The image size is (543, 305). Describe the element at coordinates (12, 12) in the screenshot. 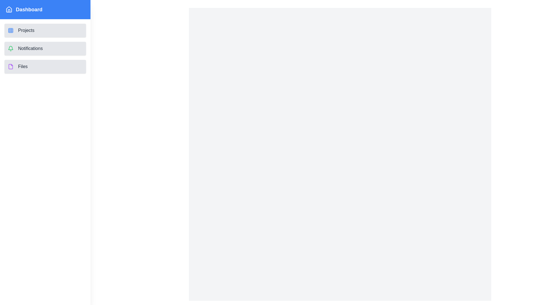

I see `button in the top-left corner to toggle the drawer visibility` at that location.